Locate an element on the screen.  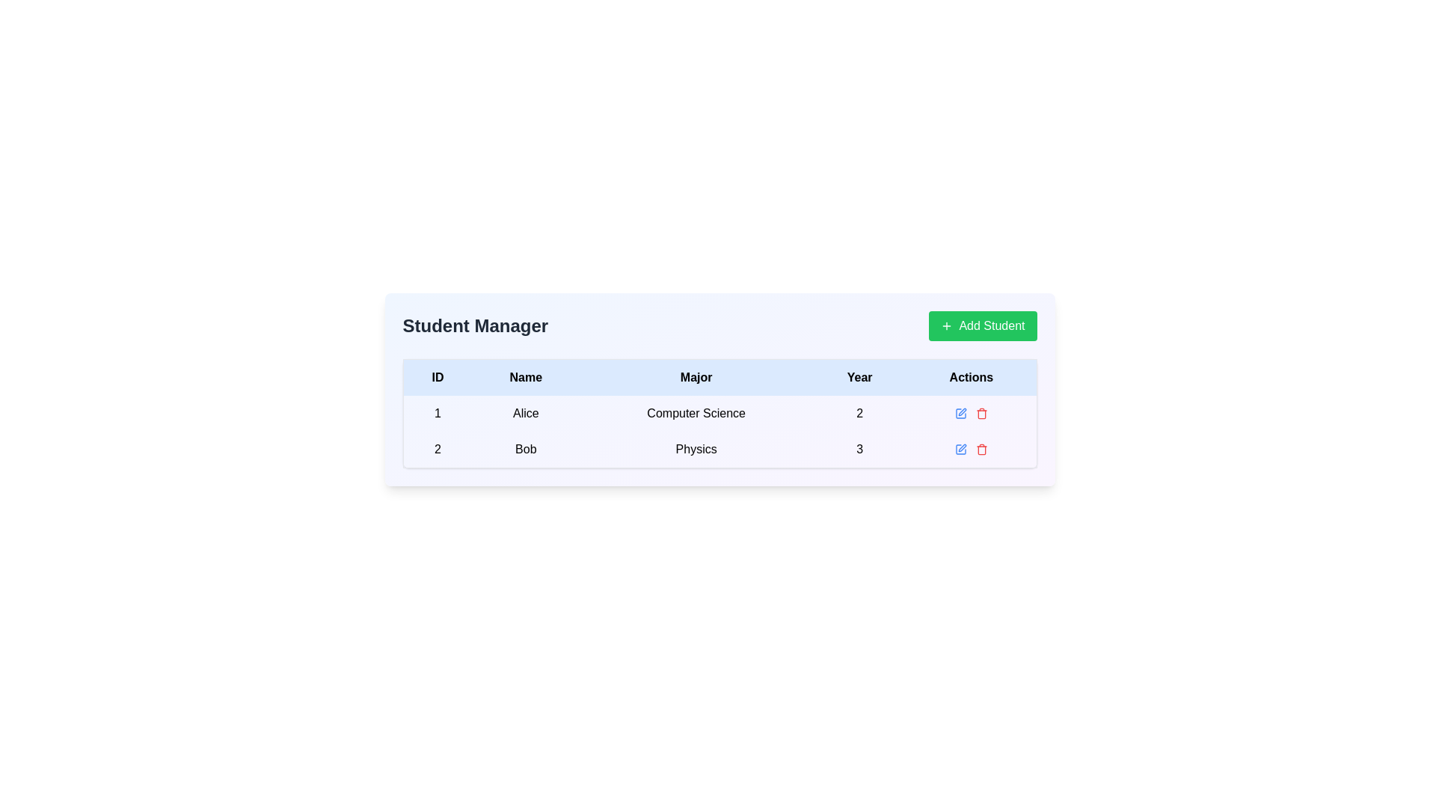
the bold text label displaying 'Student Manager' located on the left side of the header section of the interface is located at coordinates (474, 325).